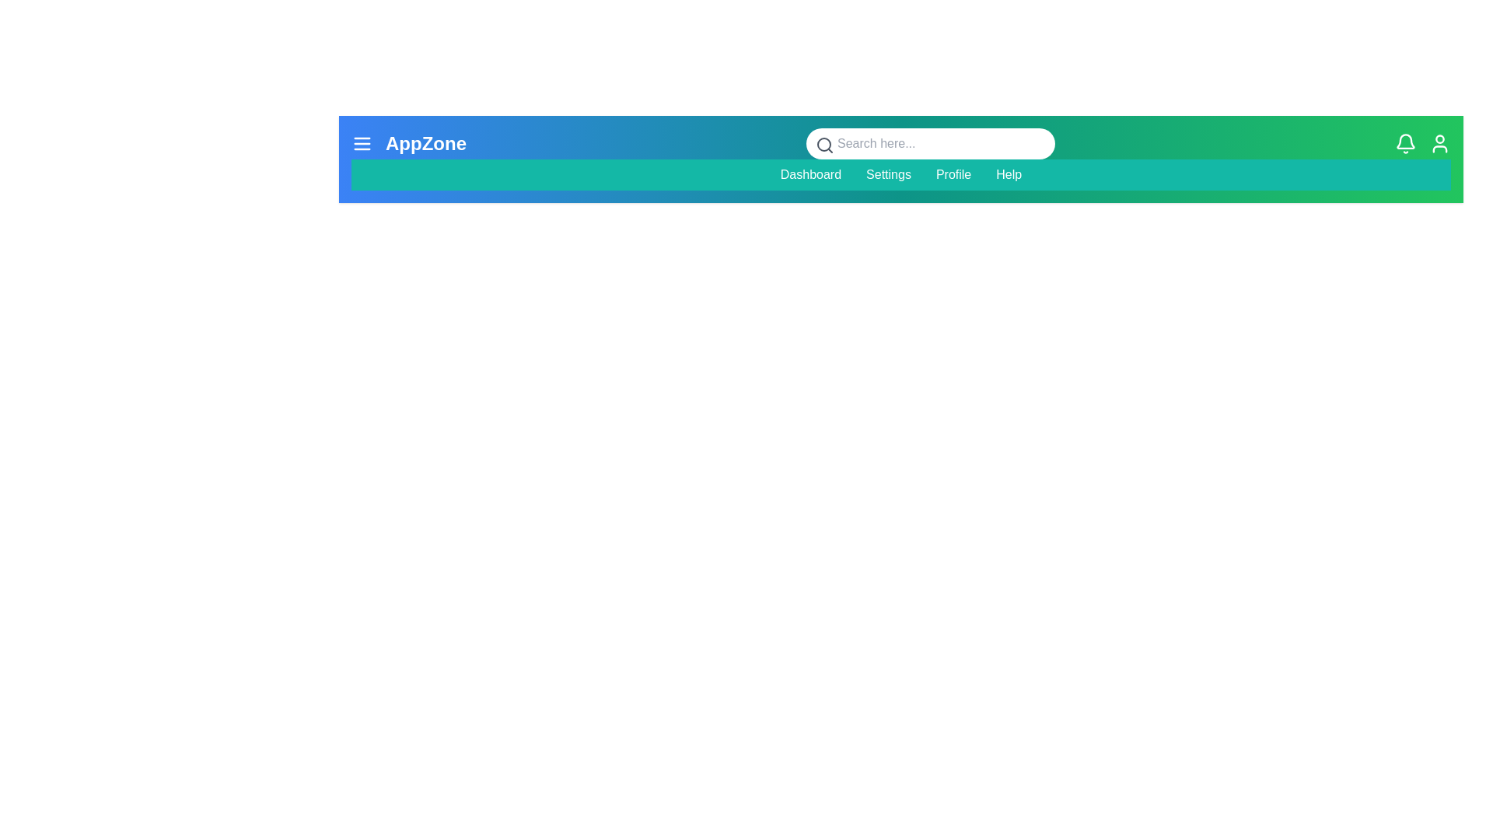 The width and height of the screenshot is (1493, 840). What do you see at coordinates (953, 174) in the screenshot?
I see `the menu item Profile to navigate to the corresponding section` at bounding box center [953, 174].